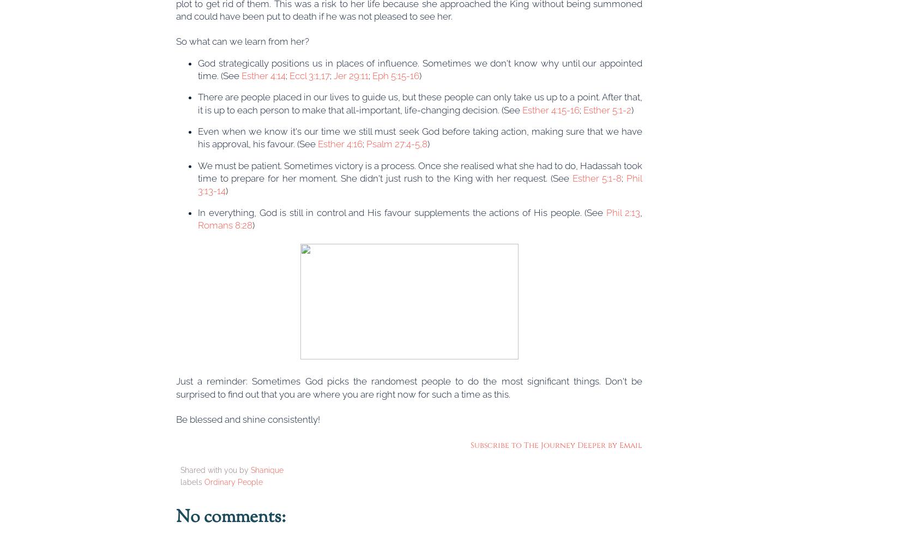 This screenshot has width=904, height=540. What do you see at coordinates (420, 183) in the screenshot?
I see `'Phil 3:13-14'` at bounding box center [420, 183].